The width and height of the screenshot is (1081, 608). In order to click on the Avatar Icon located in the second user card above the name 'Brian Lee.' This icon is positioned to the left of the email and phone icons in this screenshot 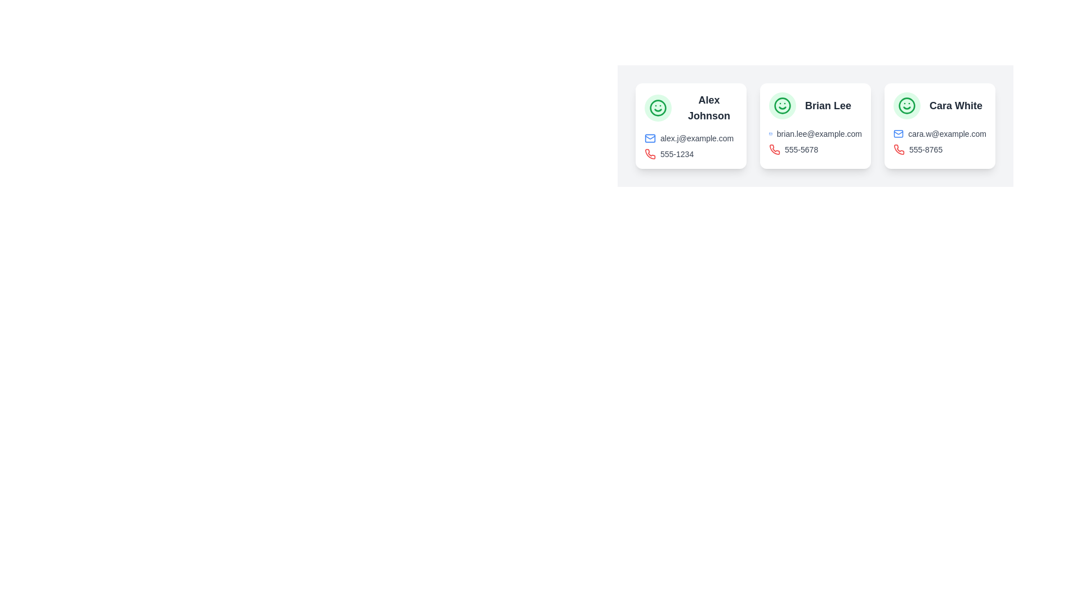, I will do `click(782, 106)`.